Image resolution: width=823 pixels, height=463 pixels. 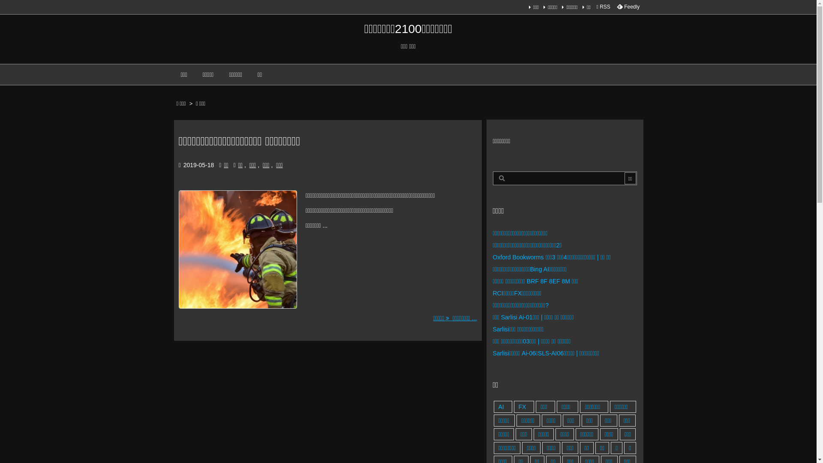 I want to click on 'FX', so click(x=523, y=406).